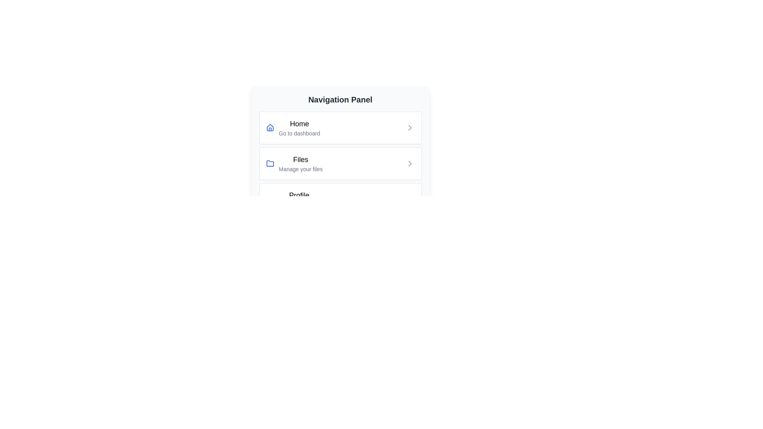  I want to click on the profile navigation button located within the navigation panel under the 'Files' option, so click(299, 199).